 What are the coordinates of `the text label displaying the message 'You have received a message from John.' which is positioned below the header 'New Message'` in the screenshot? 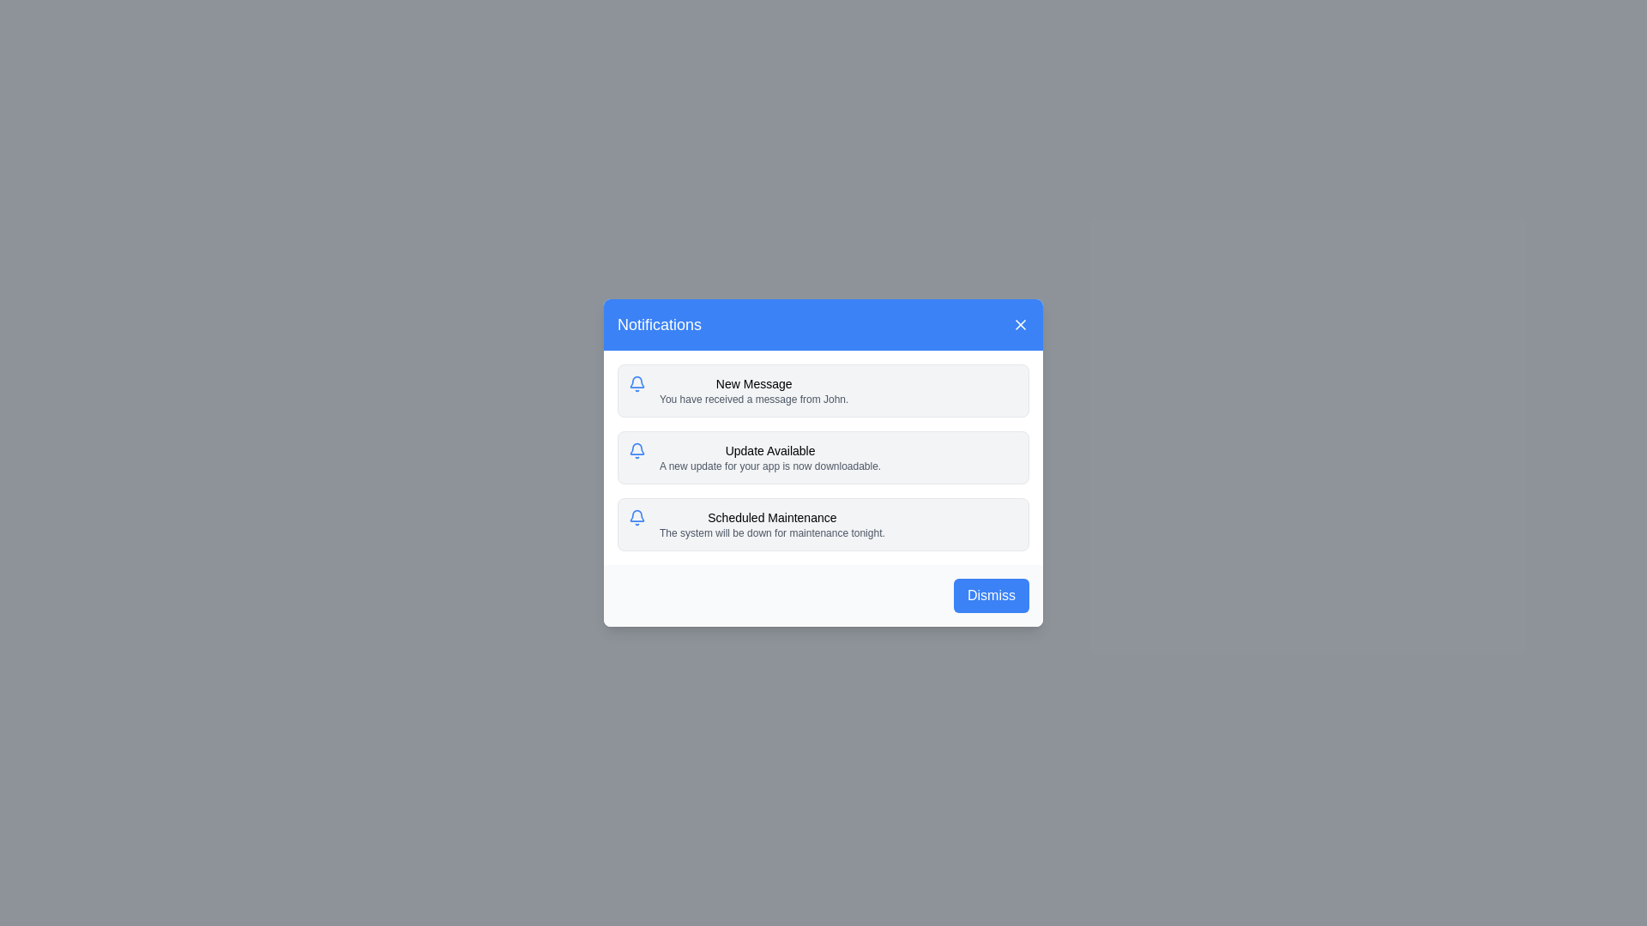 It's located at (754, 400).